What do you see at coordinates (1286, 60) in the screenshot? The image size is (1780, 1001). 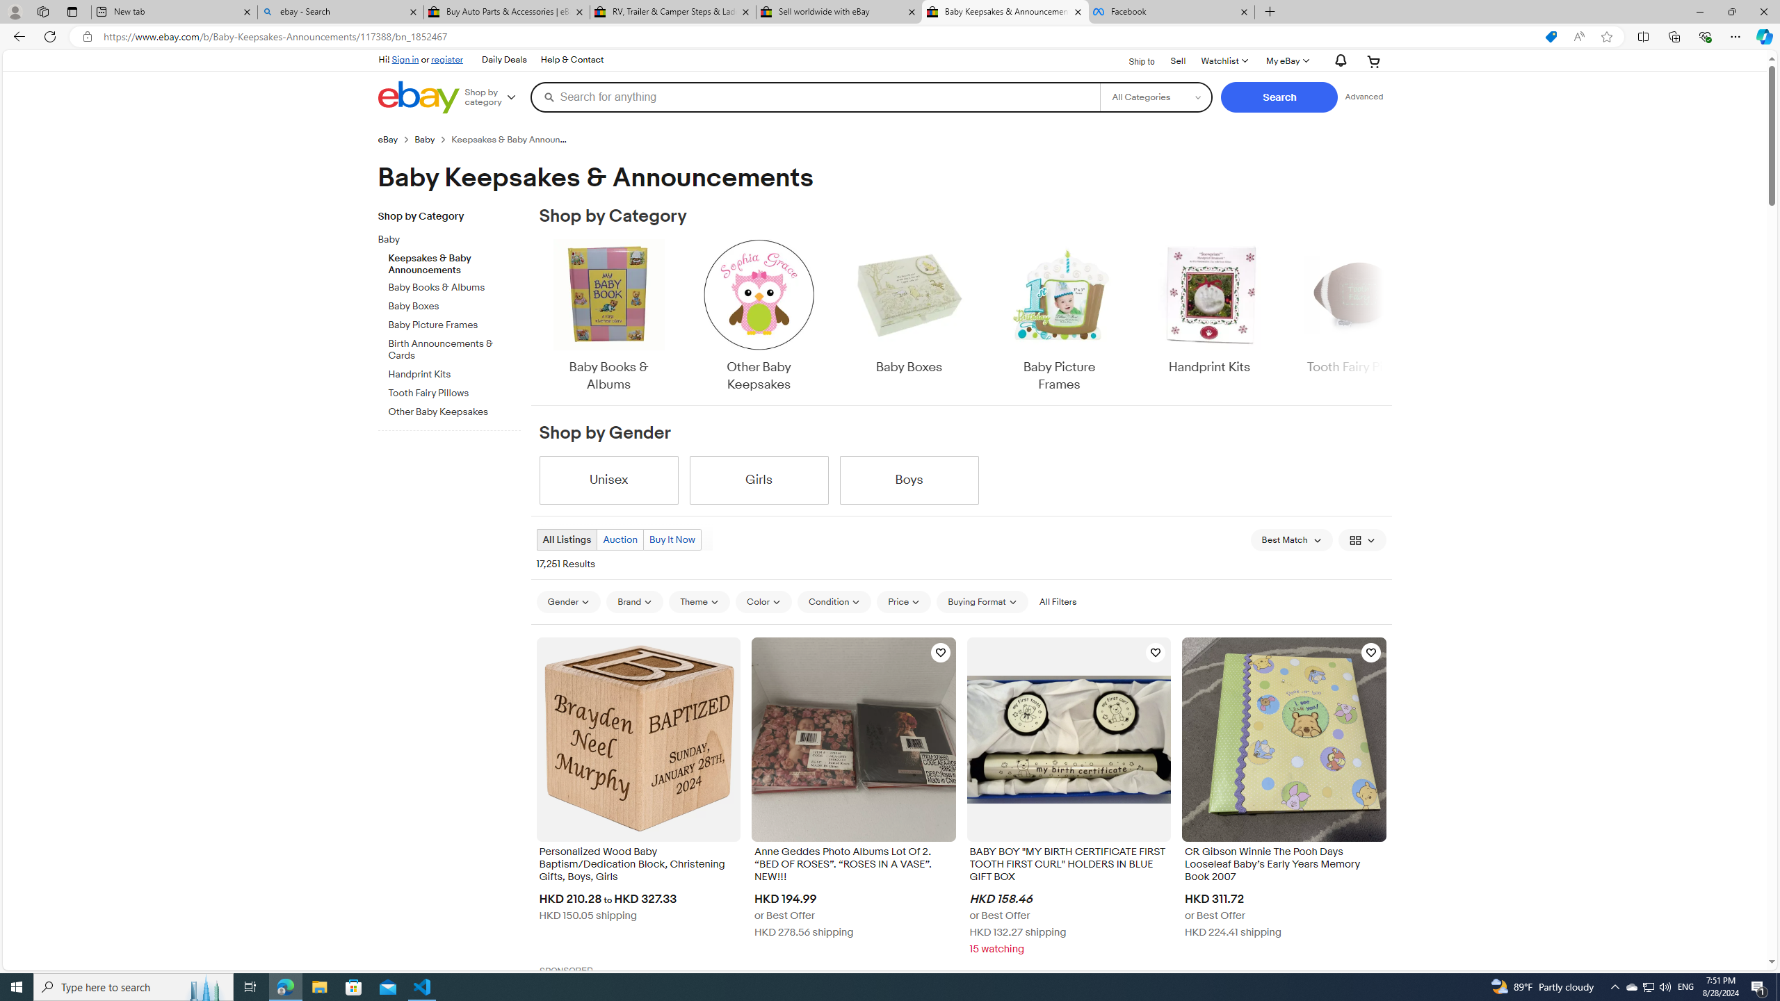 I see `'My eBay'` at bounding box center [1286, 60].